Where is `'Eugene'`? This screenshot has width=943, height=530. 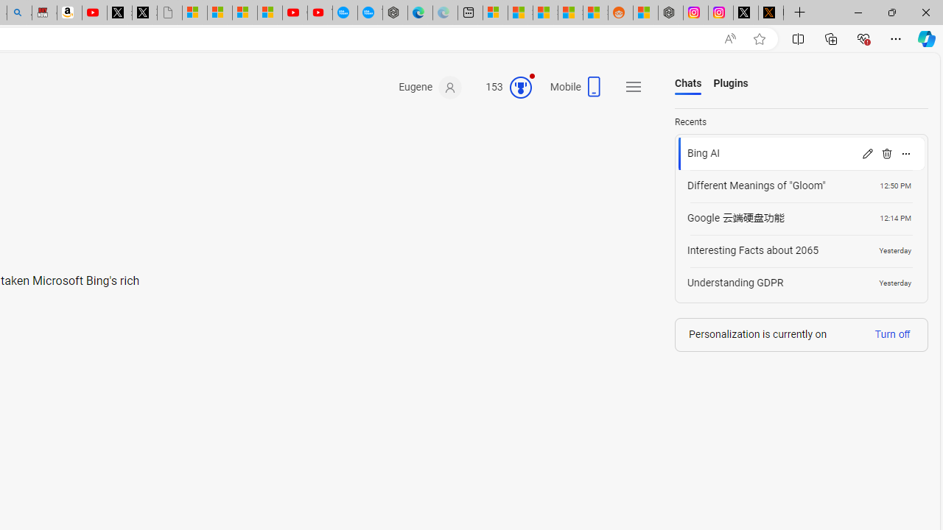
'Eugene' is located at coordinates (430, 88).